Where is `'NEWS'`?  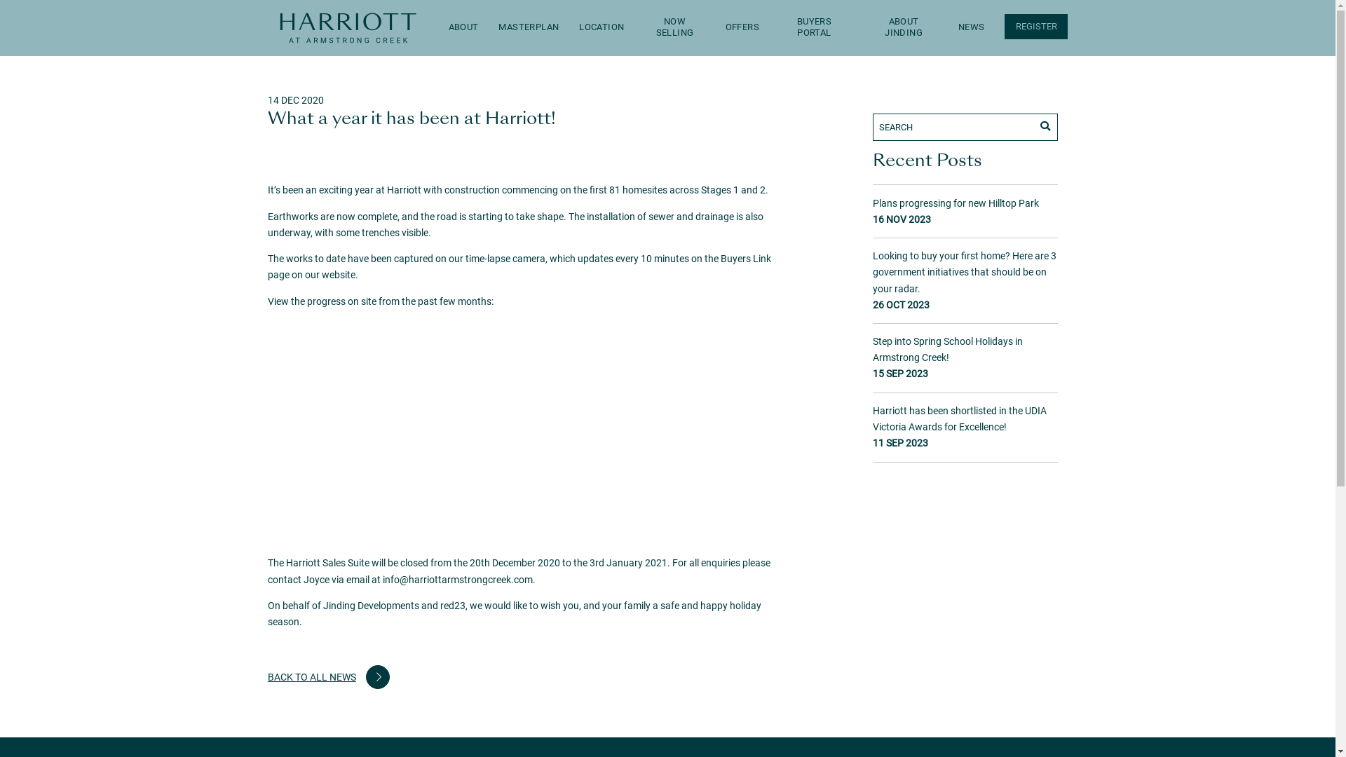
'NEWS' is located at coordinates (971, 28).